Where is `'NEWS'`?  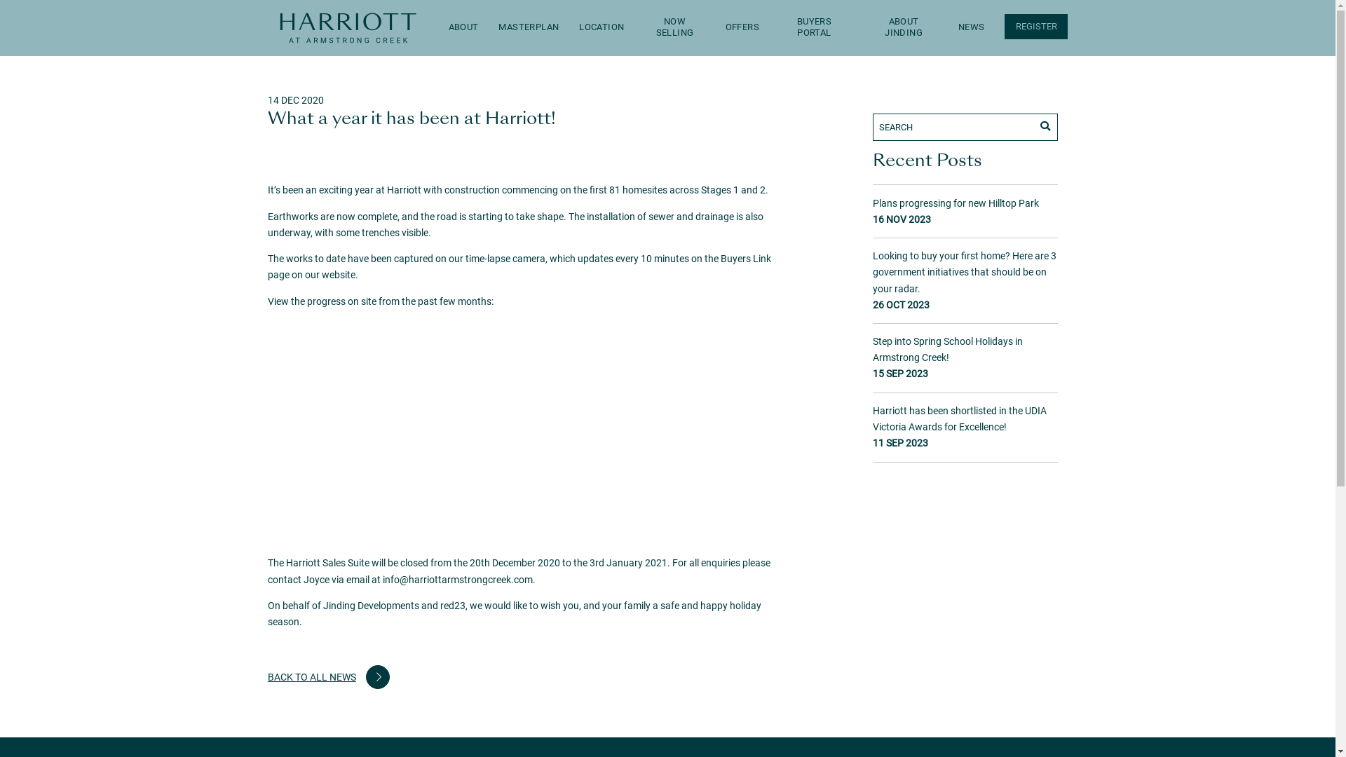
'NEWS' is located at coordinates (971, 28).